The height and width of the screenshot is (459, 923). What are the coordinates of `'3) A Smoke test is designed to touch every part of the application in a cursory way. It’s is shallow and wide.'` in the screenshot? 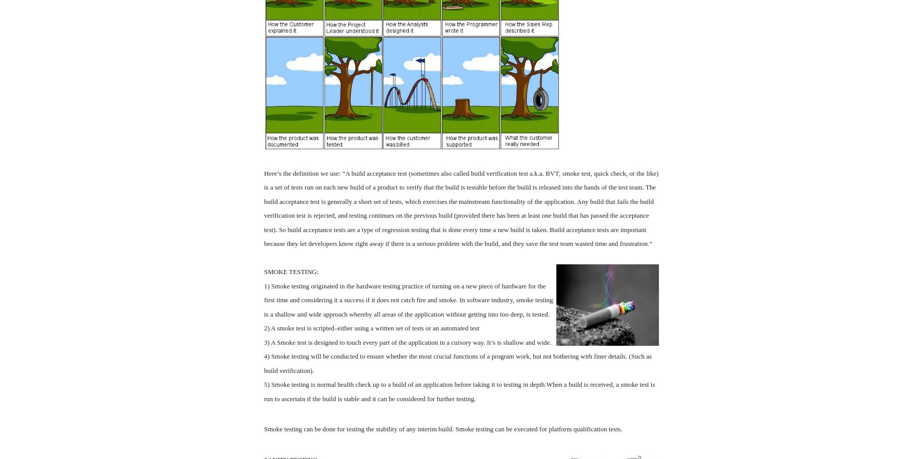 It's located at (408, 342).